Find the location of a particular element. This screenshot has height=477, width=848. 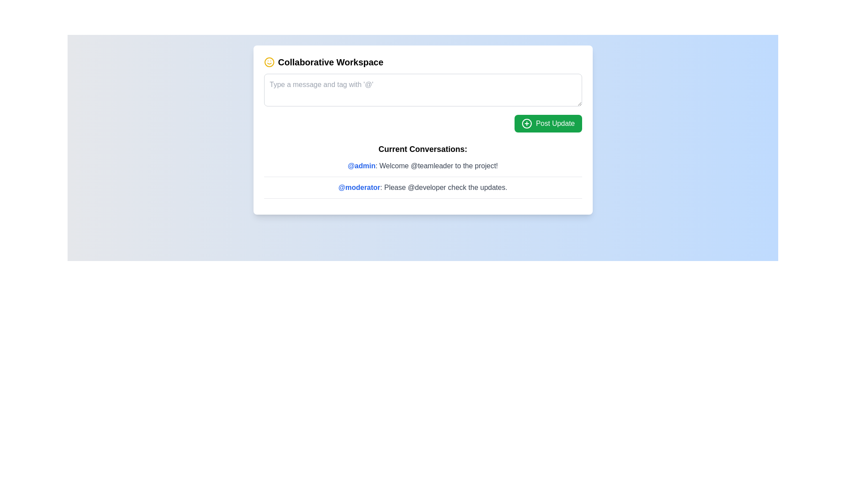

the styled inline text element containing the message '@moderator: Please @developer check the updates.' to use inline links if interactive is located at coordinates (422, 190).